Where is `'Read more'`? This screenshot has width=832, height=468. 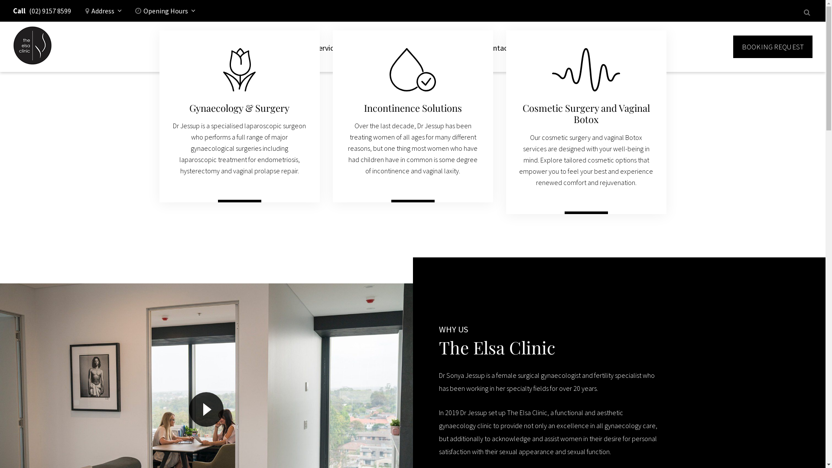 'Read more' is located at coordinates (239, 205).